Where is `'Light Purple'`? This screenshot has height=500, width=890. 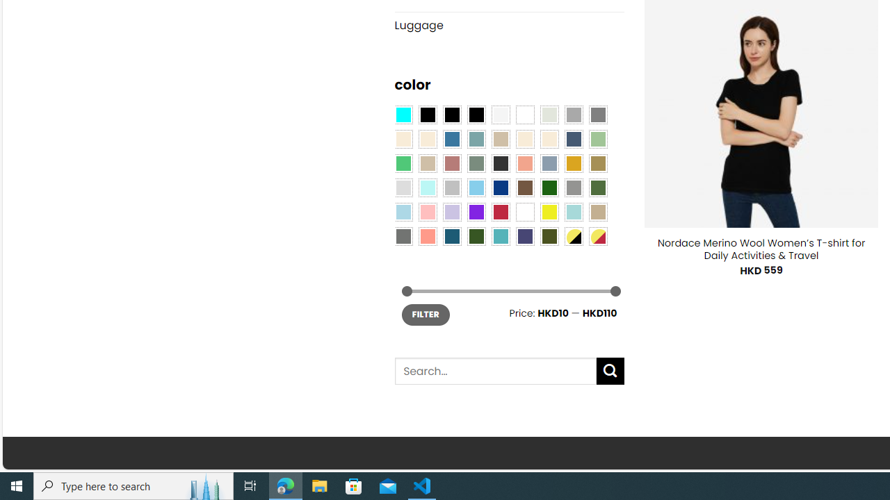
'Light Purple' is located at coordinates (452, 212).